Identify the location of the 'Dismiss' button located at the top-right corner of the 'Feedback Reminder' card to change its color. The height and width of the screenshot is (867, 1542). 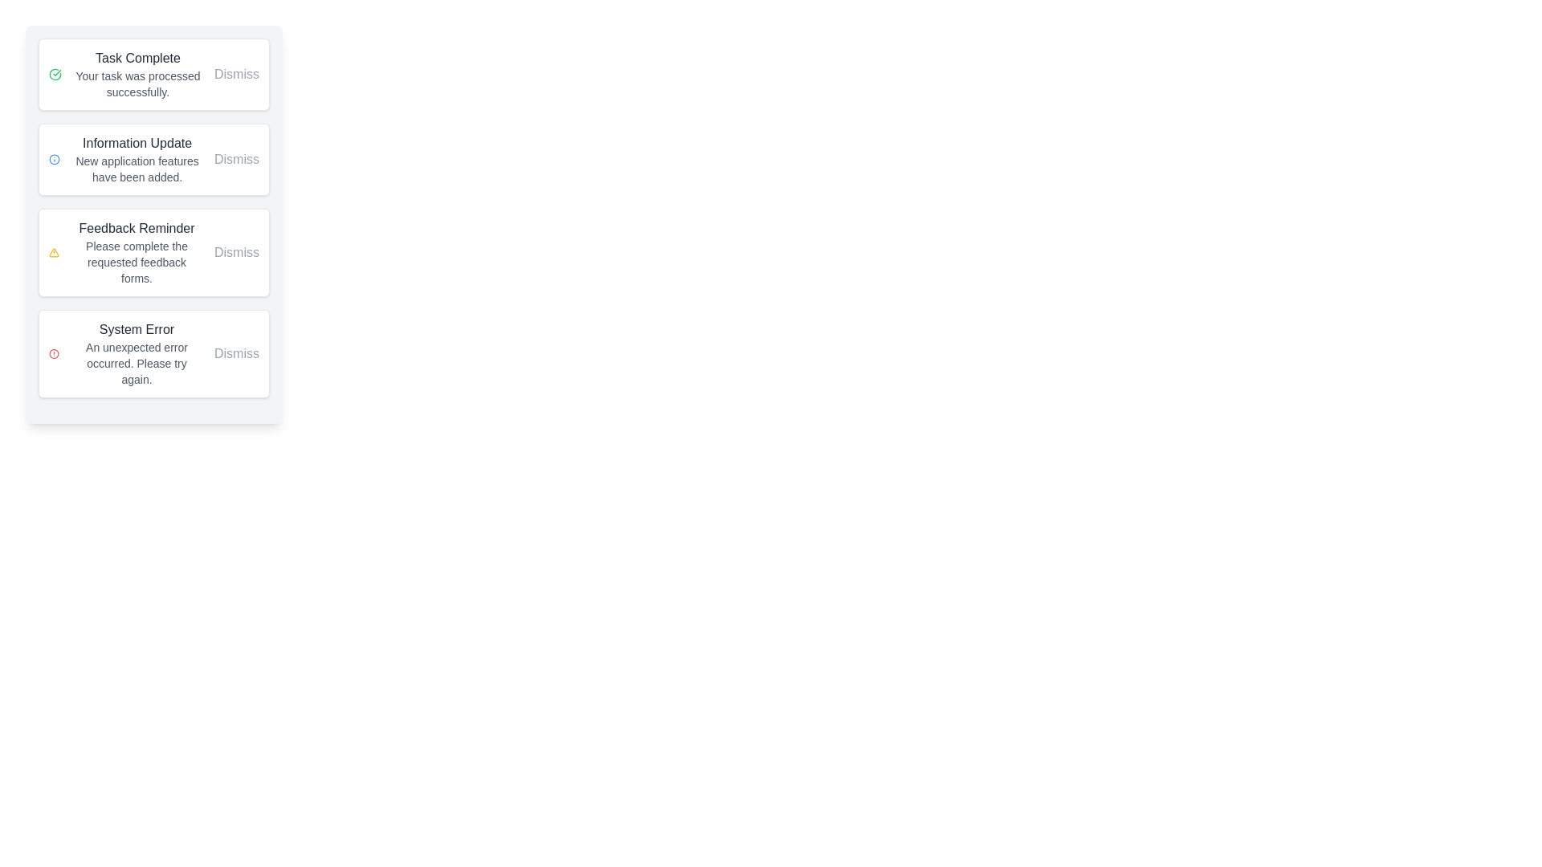
(235, 253).